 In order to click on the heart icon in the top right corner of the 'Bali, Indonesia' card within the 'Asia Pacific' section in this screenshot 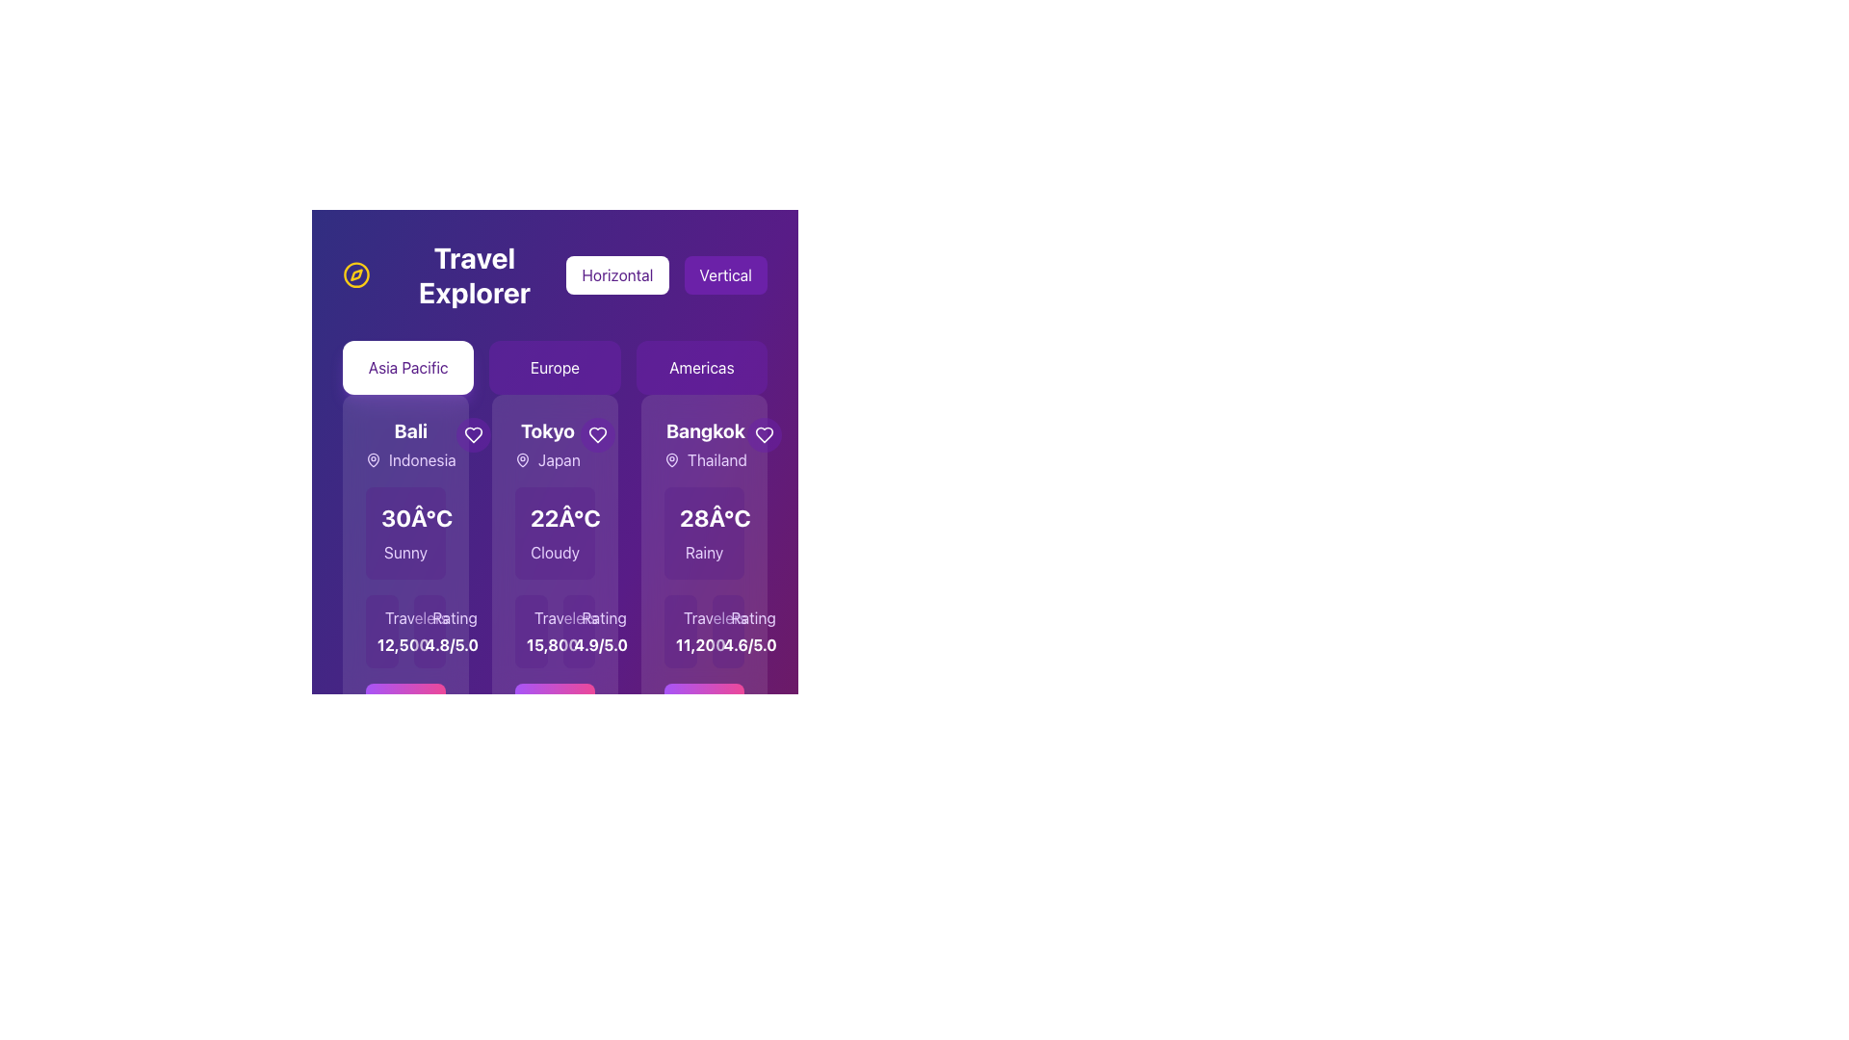, I will do `click(473, 434)`.